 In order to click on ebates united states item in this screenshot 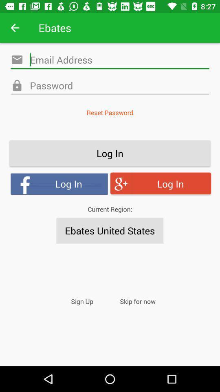, I will do `click(110, 231)`.